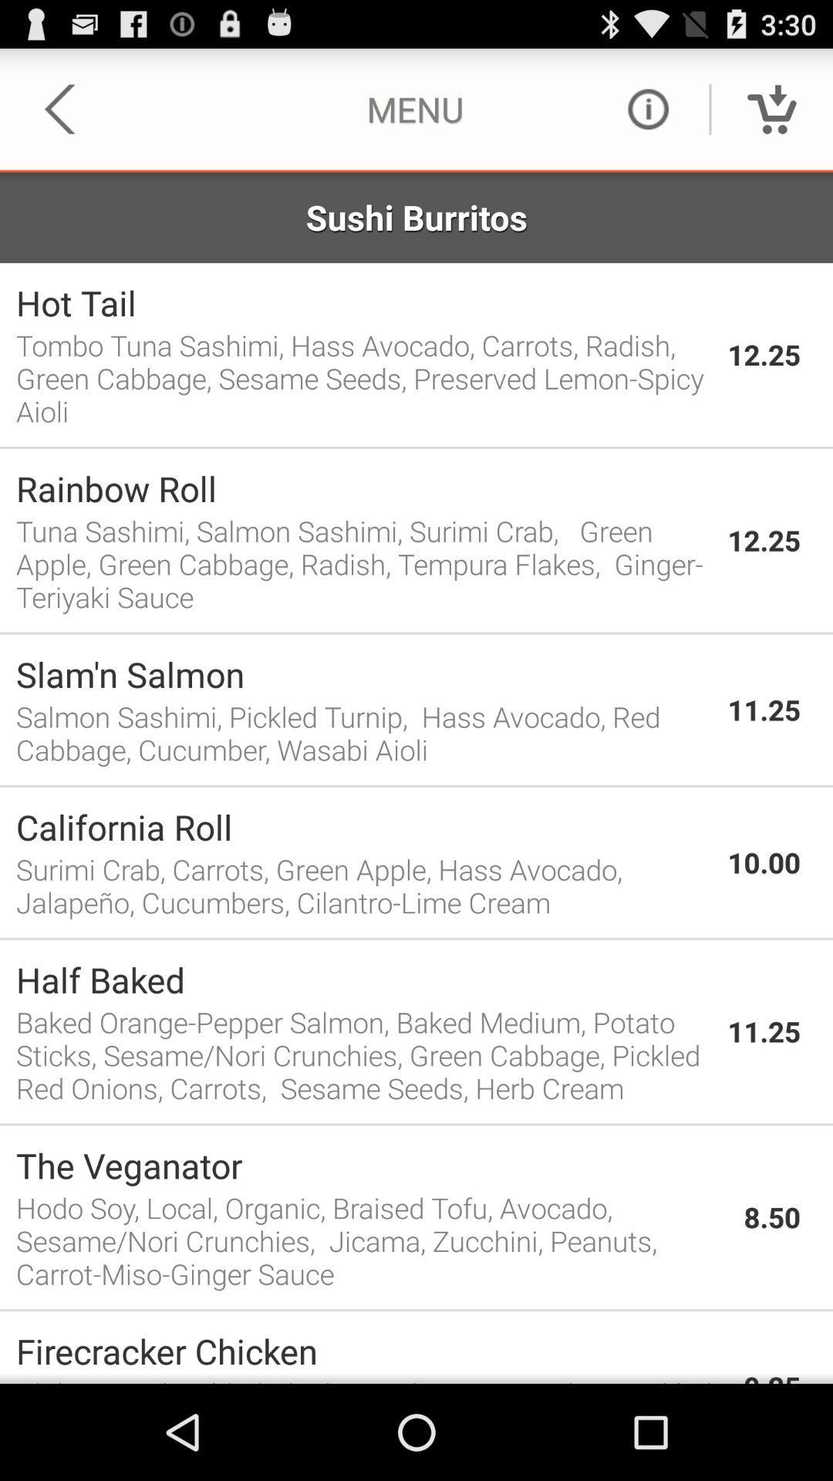  Describe the element at coordinates (363, 674) in the screenshot. I see `the app above salmon sashimi pickled` at that location.